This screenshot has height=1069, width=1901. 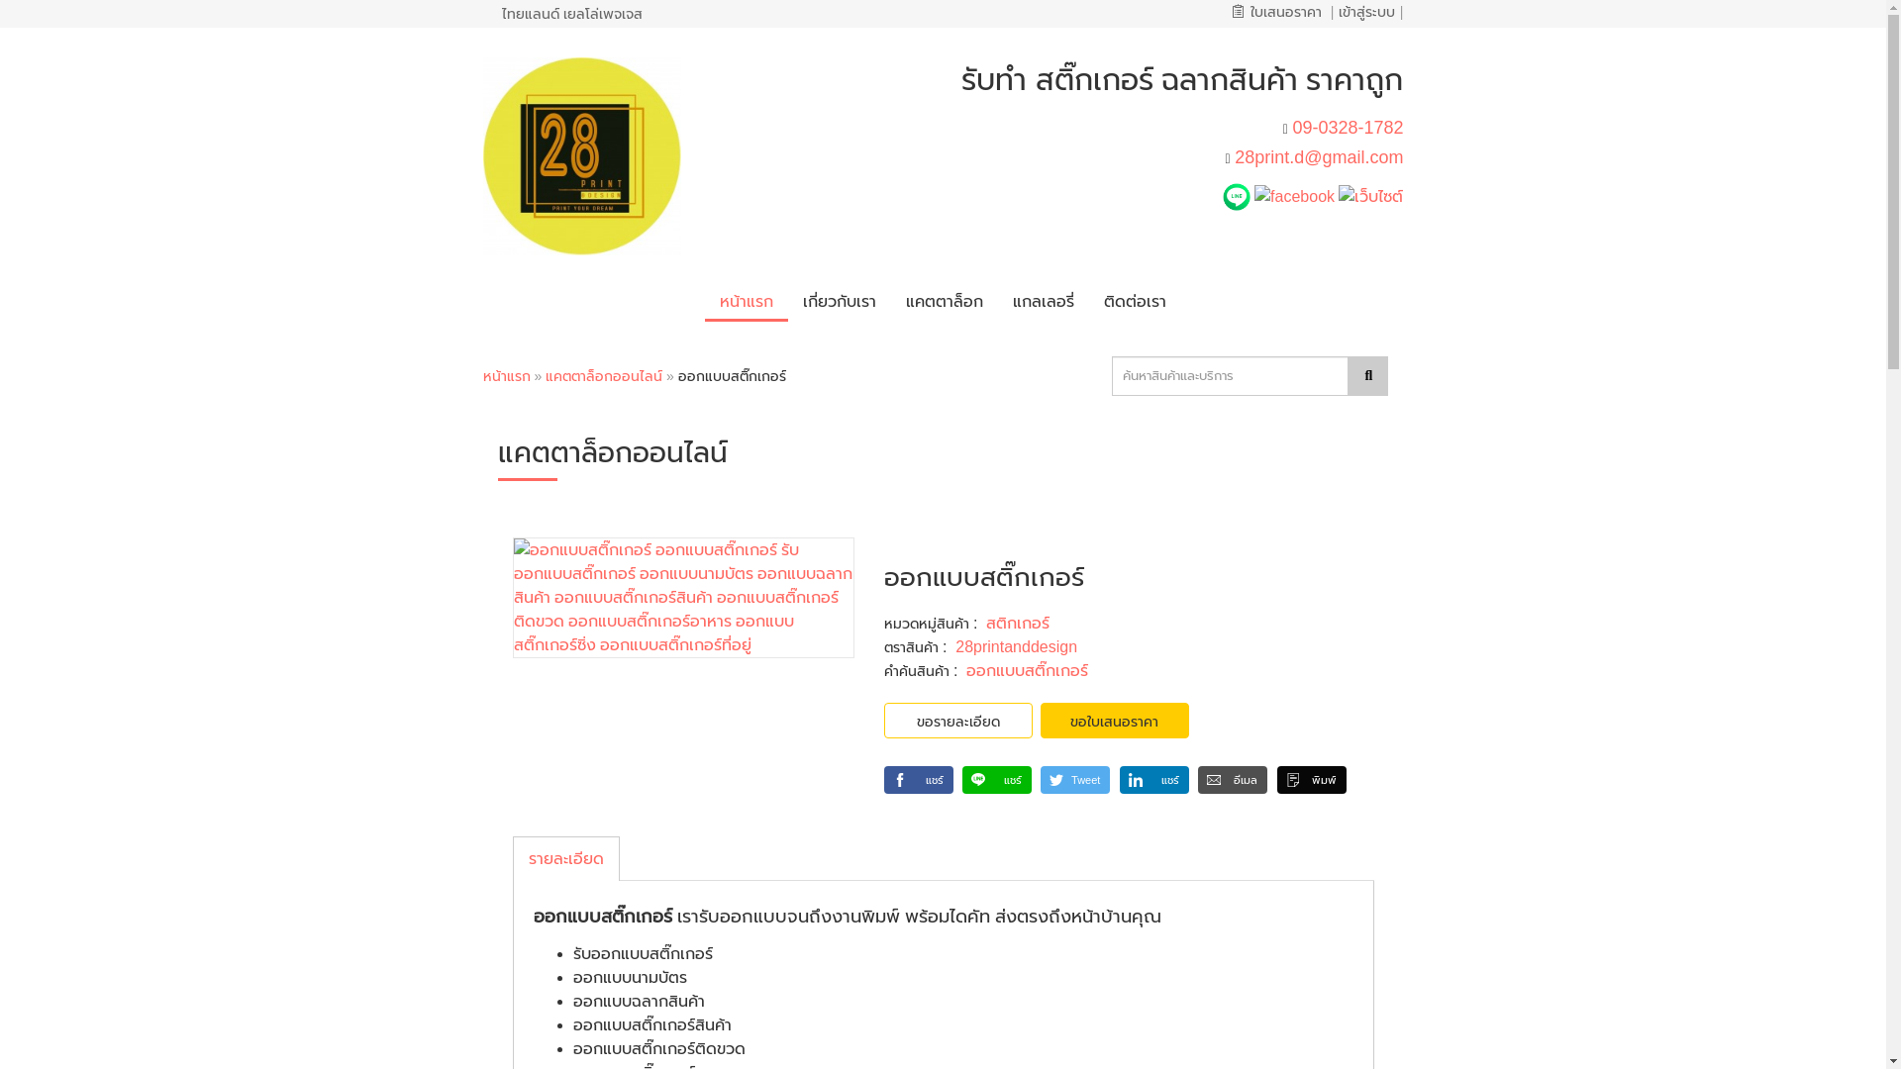 What do you see at coordinates (1040, 778) in the screenshot?
I see `'Tweet'` at bounding box center [1040, 778].